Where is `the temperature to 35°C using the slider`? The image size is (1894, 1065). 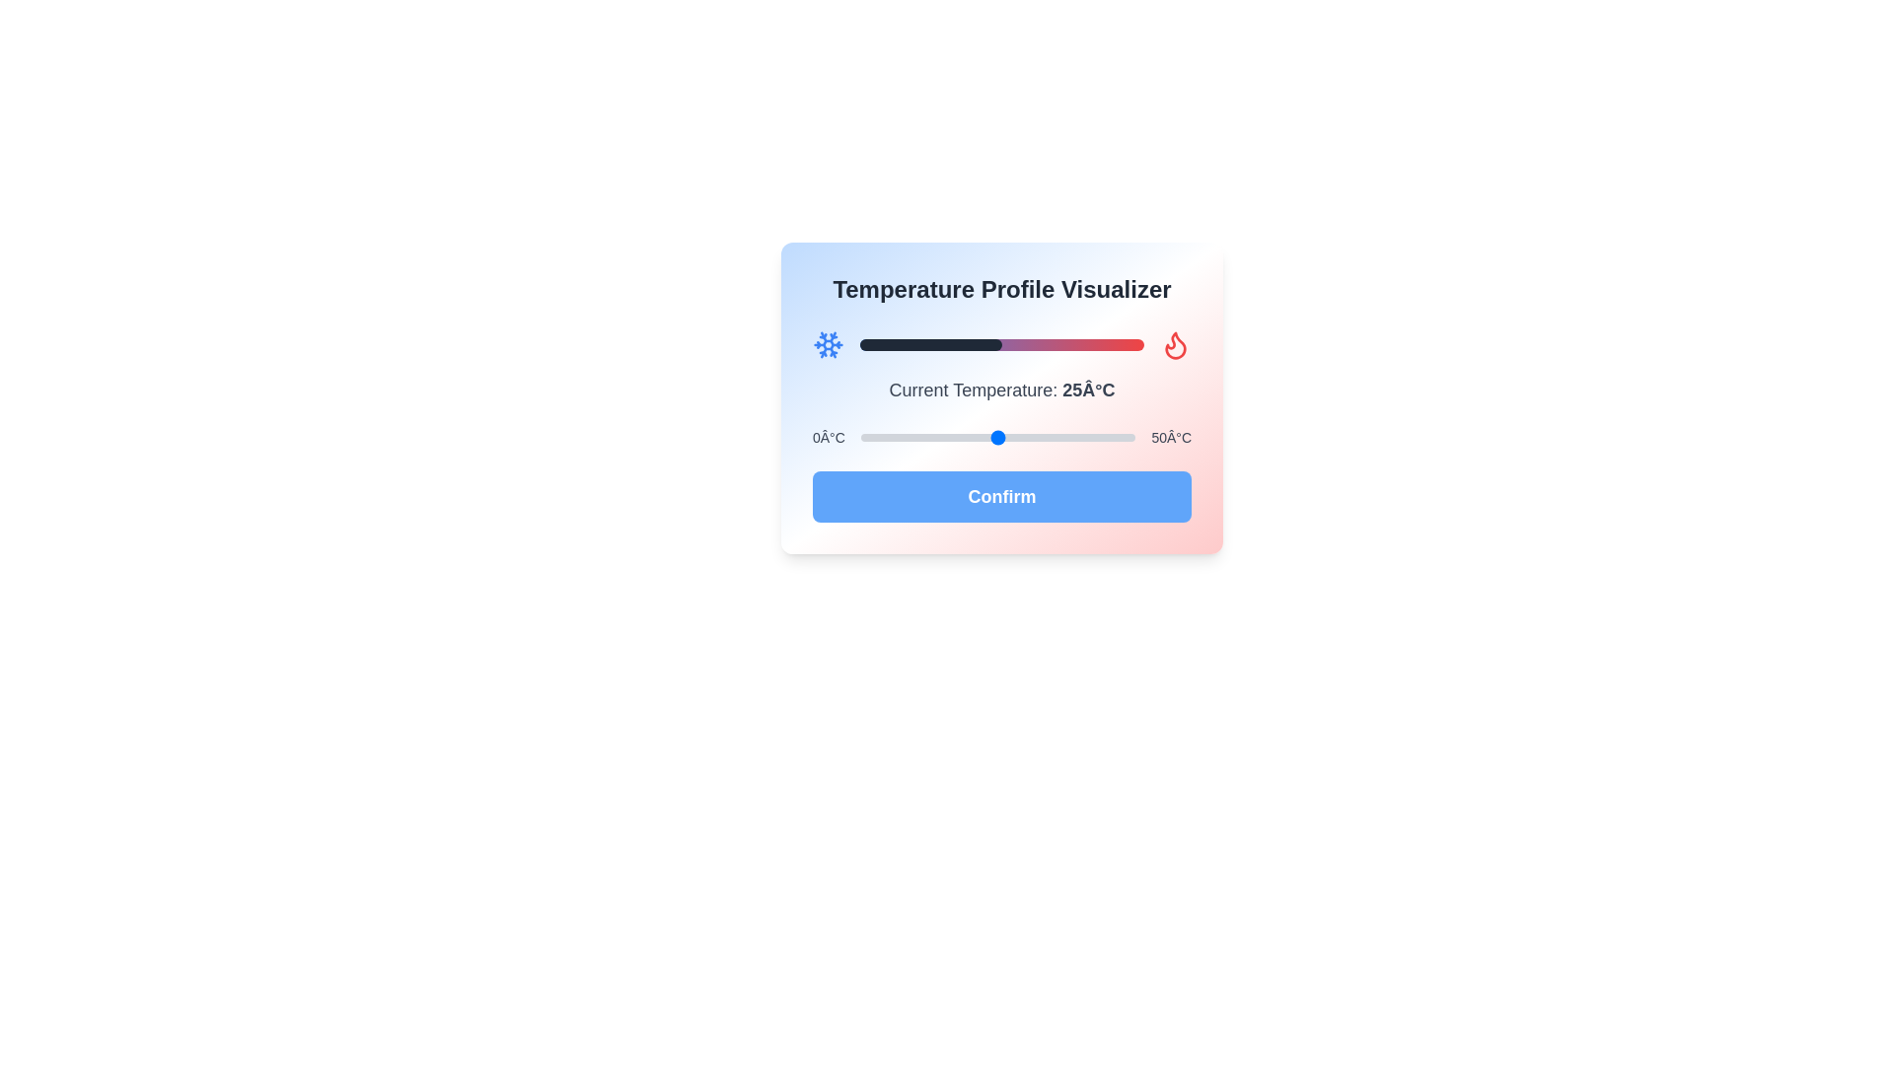
the temperature to 35°C using the slider is located at coordinates (1052, 436).